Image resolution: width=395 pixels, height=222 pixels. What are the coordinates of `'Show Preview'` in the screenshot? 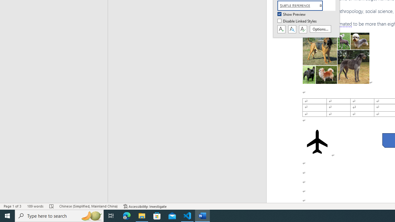 It's located at (292, 14).